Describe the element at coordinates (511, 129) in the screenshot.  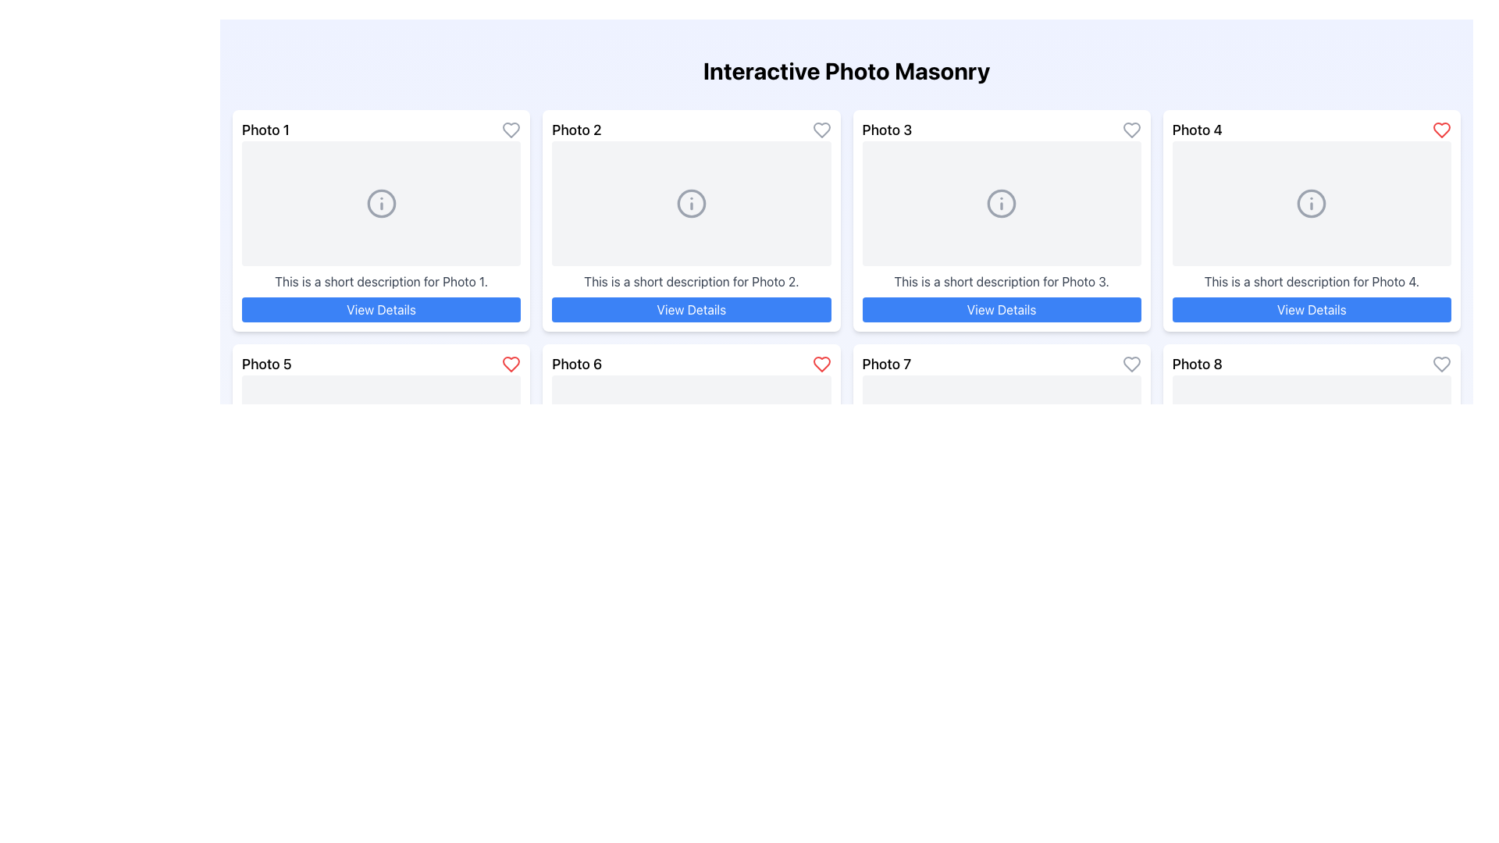
I see `the heart icon button` at that location.